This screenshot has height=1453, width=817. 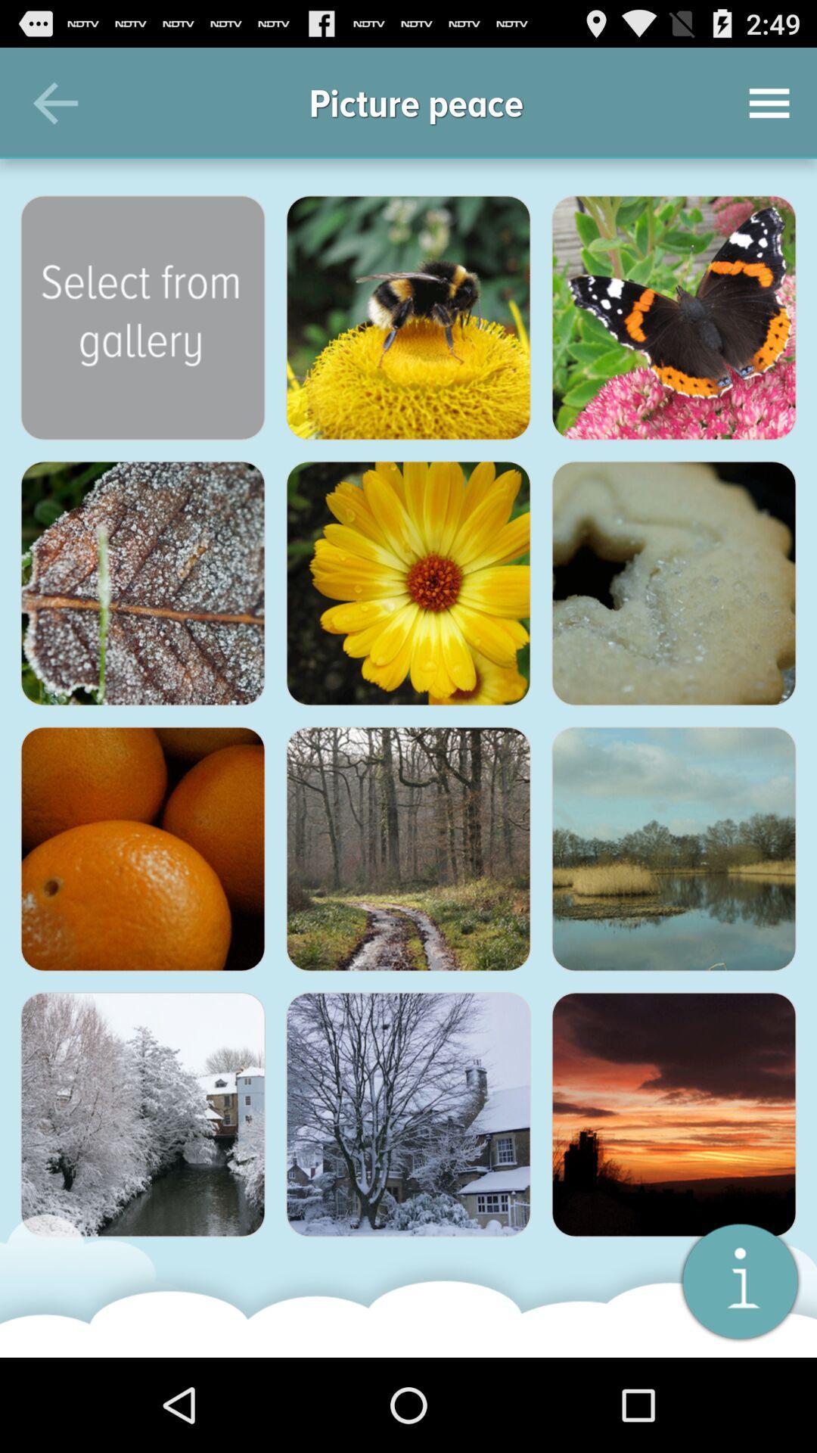 What do you see at coordinates (143, 849) in the screenshot?
I see `that photo` at bounding box center [143, 849].